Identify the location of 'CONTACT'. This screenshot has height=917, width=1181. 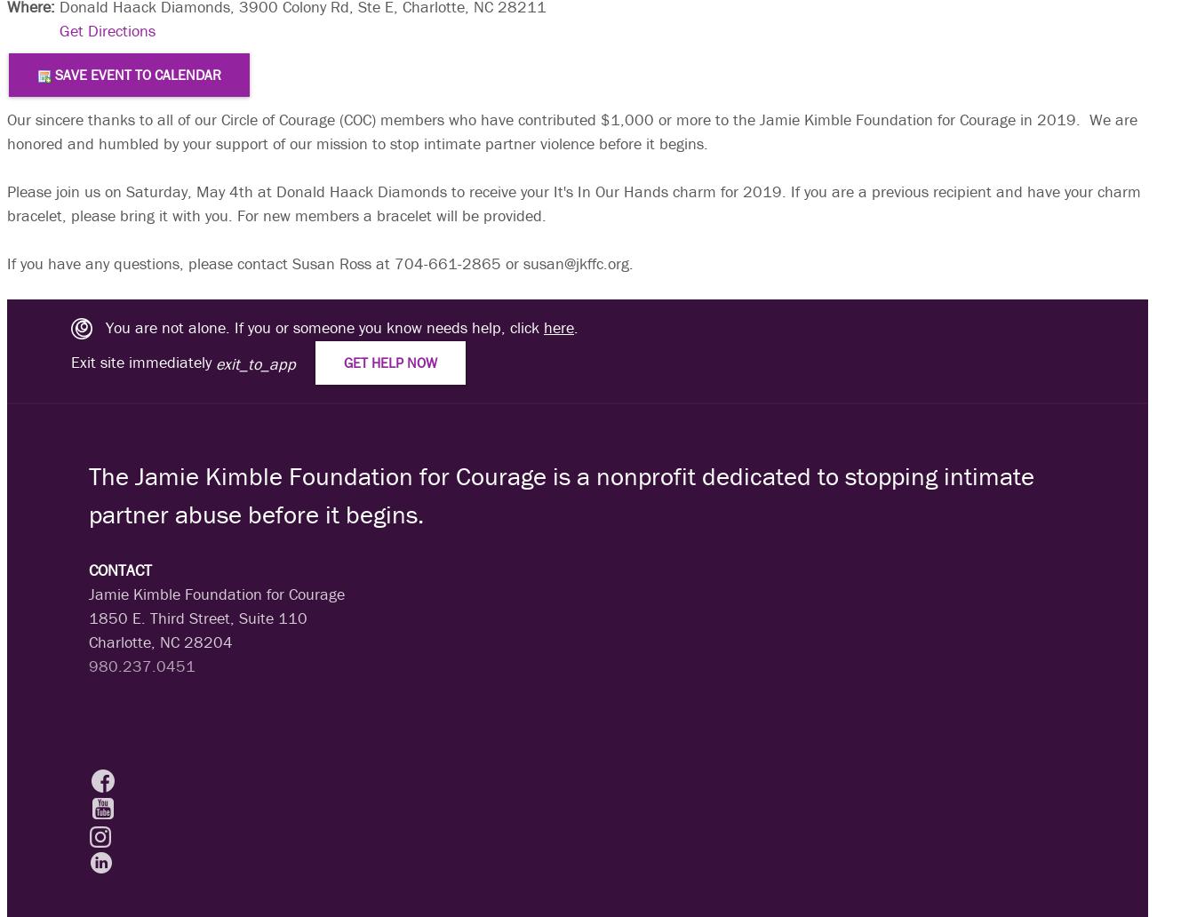
(88, 569).